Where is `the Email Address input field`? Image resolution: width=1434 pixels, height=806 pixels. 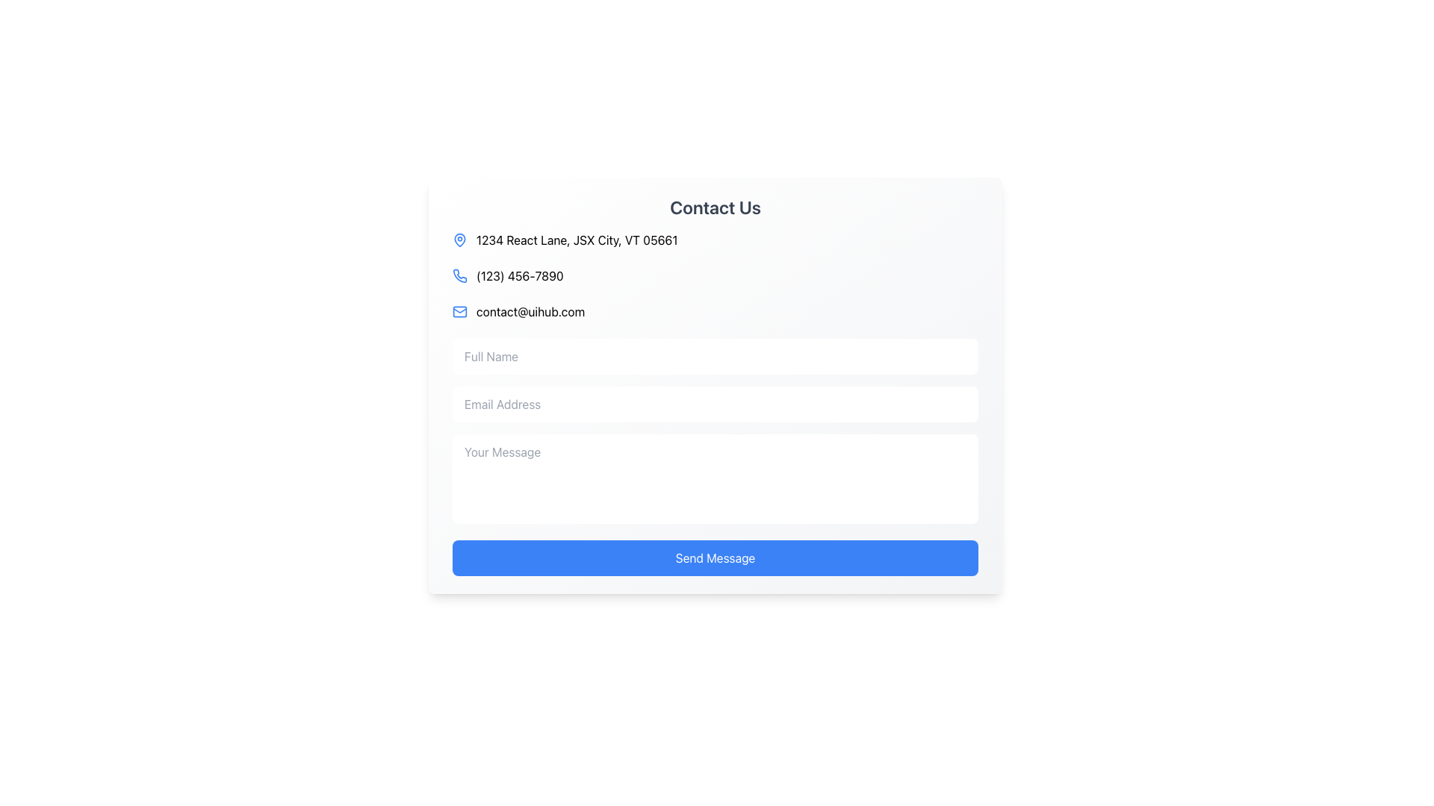
the Email Address input field is located at coordinates (715, 404).